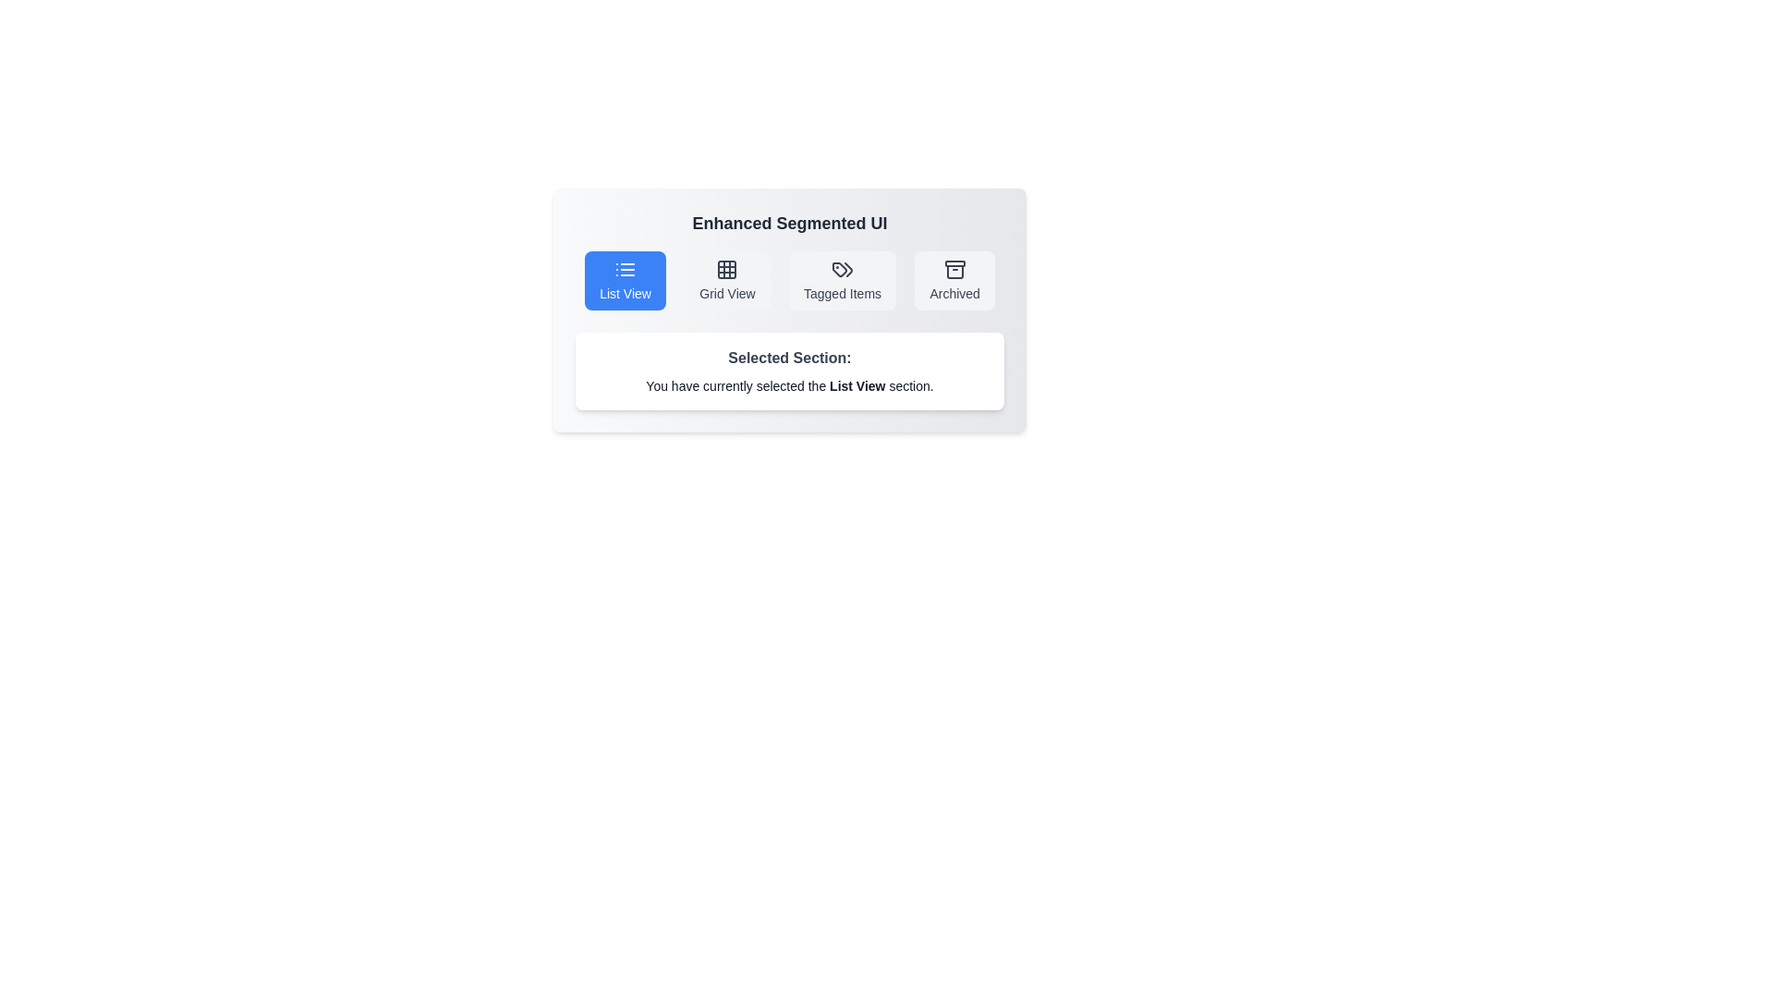  What do you see at coordinates (726, 292) in the screenshot?
I see `the 'Grid View' label displayed within the selectable card-like button, located at the bottom center of the second segmented button from the left` at bounding box center [726, 292].